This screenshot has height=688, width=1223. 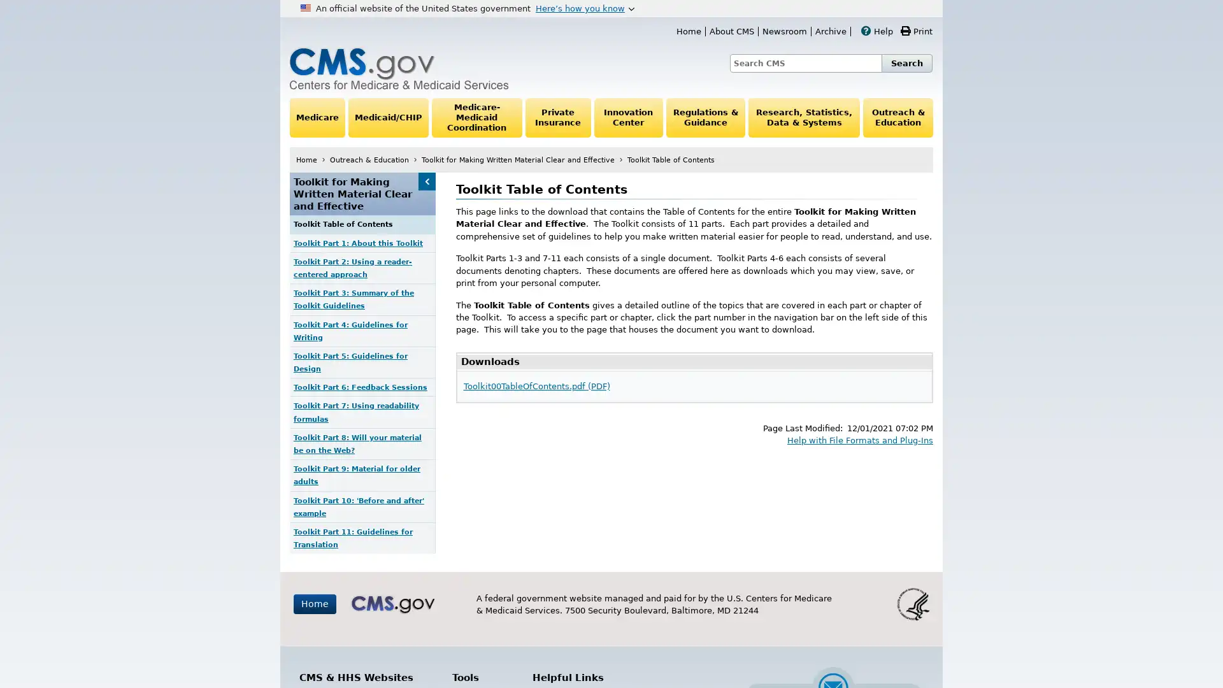 What do you see at coordinates (426, 182) in the screenshot?
I see `Toolkit for Making Written Material Clear and Effective` at bounding box center [426, 182].